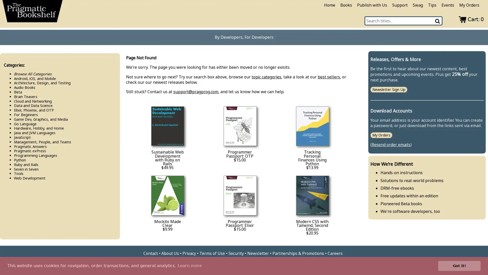 The width and height of the screenshot is (488, 275). Describe the element at coordinates (189, 266) in the screenshot. I see `learn more about cookies` at that location.